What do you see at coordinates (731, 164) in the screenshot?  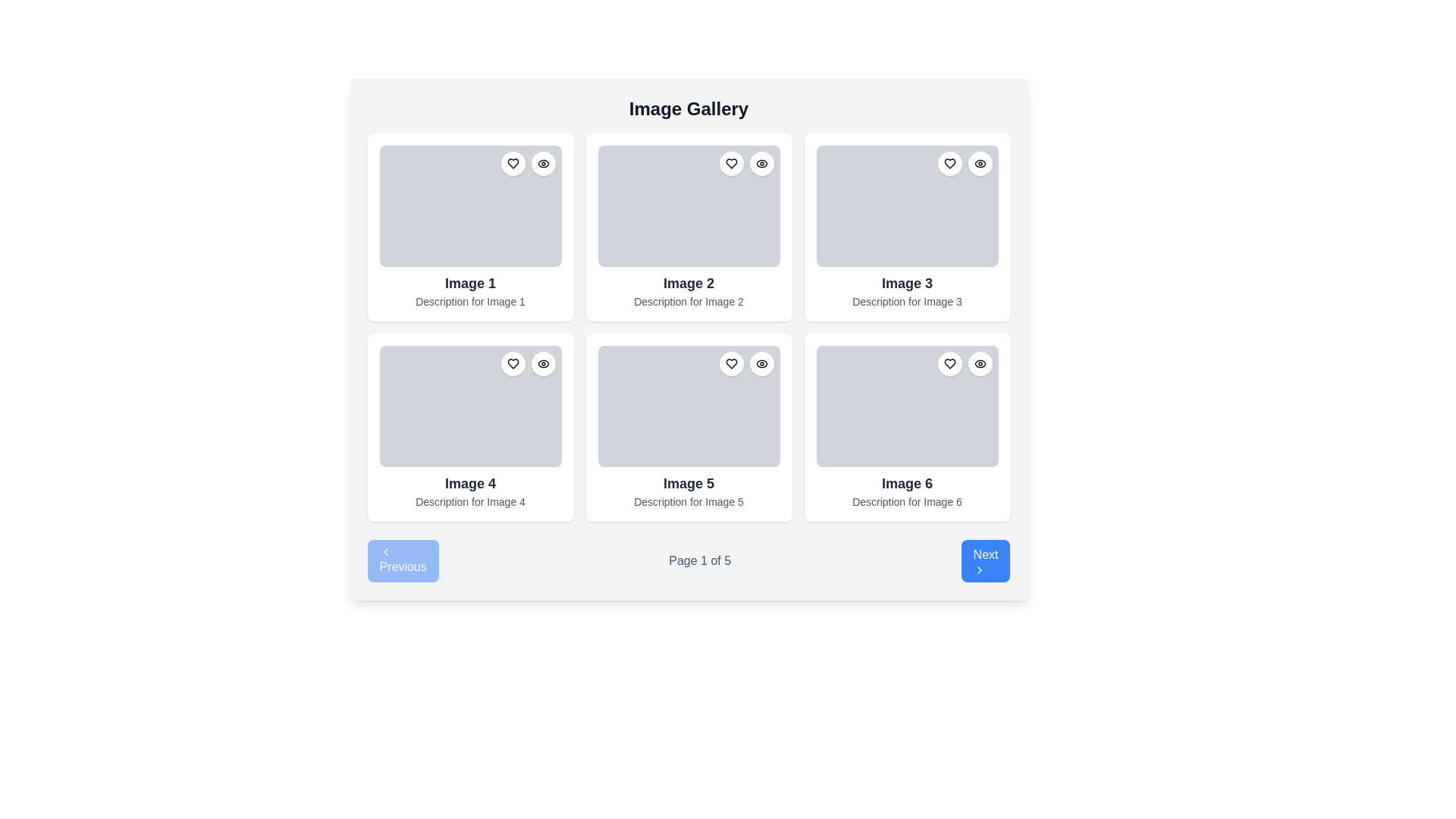 I see `the stylized heart icon` at bounding box center [731, 164].